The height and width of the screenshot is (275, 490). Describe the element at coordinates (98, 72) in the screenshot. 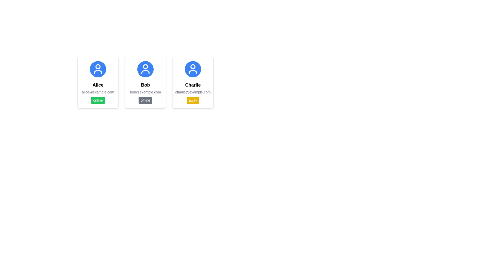

I see `the vector graphic element representing the body portion in the user icon within the first card-like component of the interface` at that location.